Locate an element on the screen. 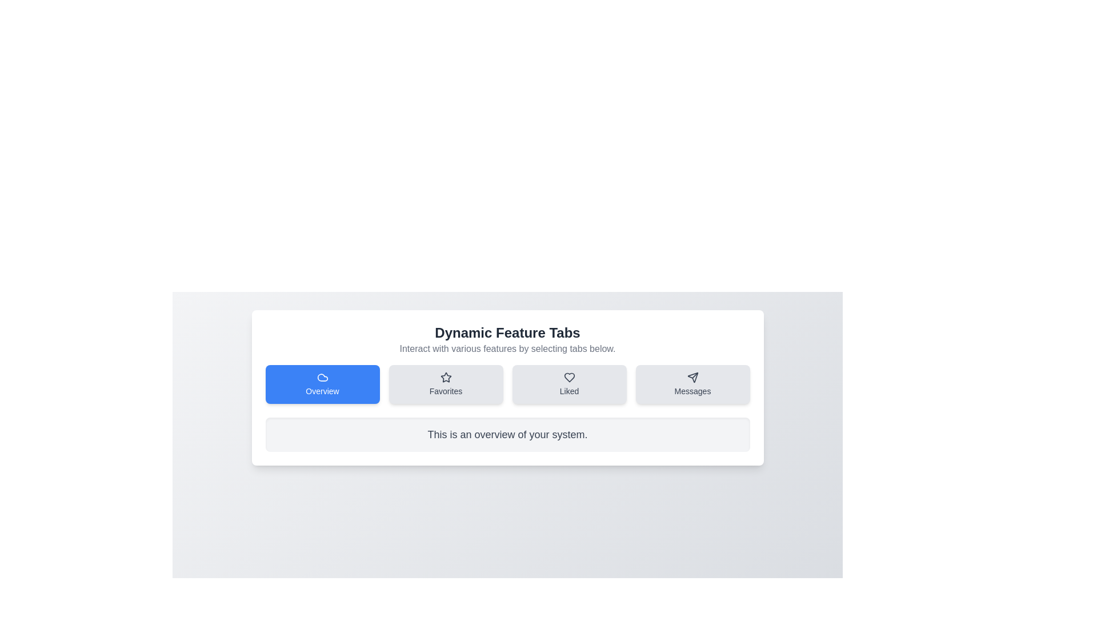 This screenshot has height=617, width=1097. the 'Messages' button, which is the fourth button in the row under 'Dynamic Feature Tabs' is located at coordinates (692, 384).